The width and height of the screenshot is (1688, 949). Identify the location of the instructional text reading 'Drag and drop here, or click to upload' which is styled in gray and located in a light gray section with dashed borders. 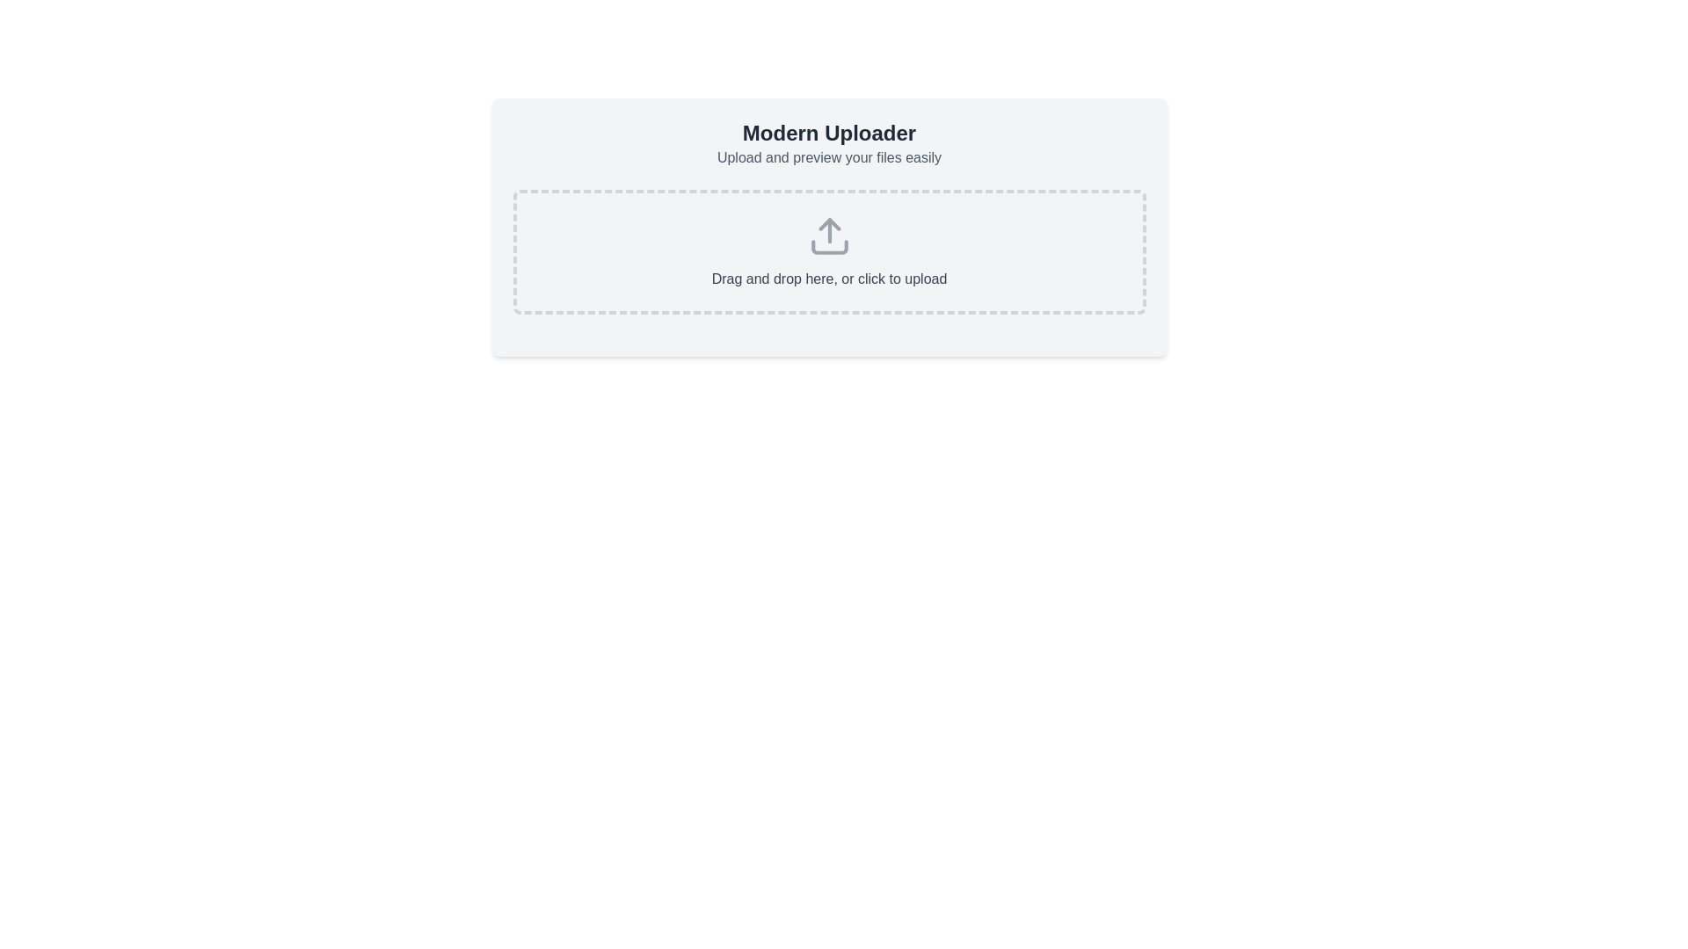
(828, 278).